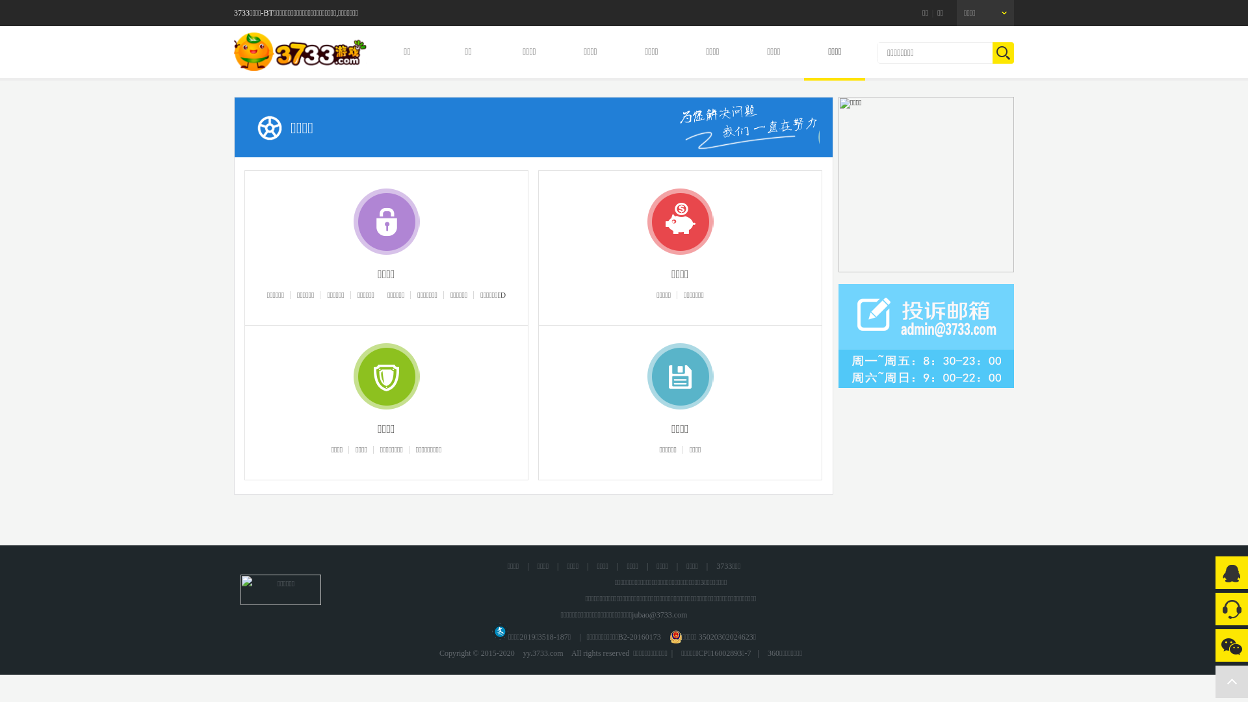  What do you see at coordinates (516, 653) in the screenshot?
I see `'yy.3733.com'` at bounding box center [516, 653].